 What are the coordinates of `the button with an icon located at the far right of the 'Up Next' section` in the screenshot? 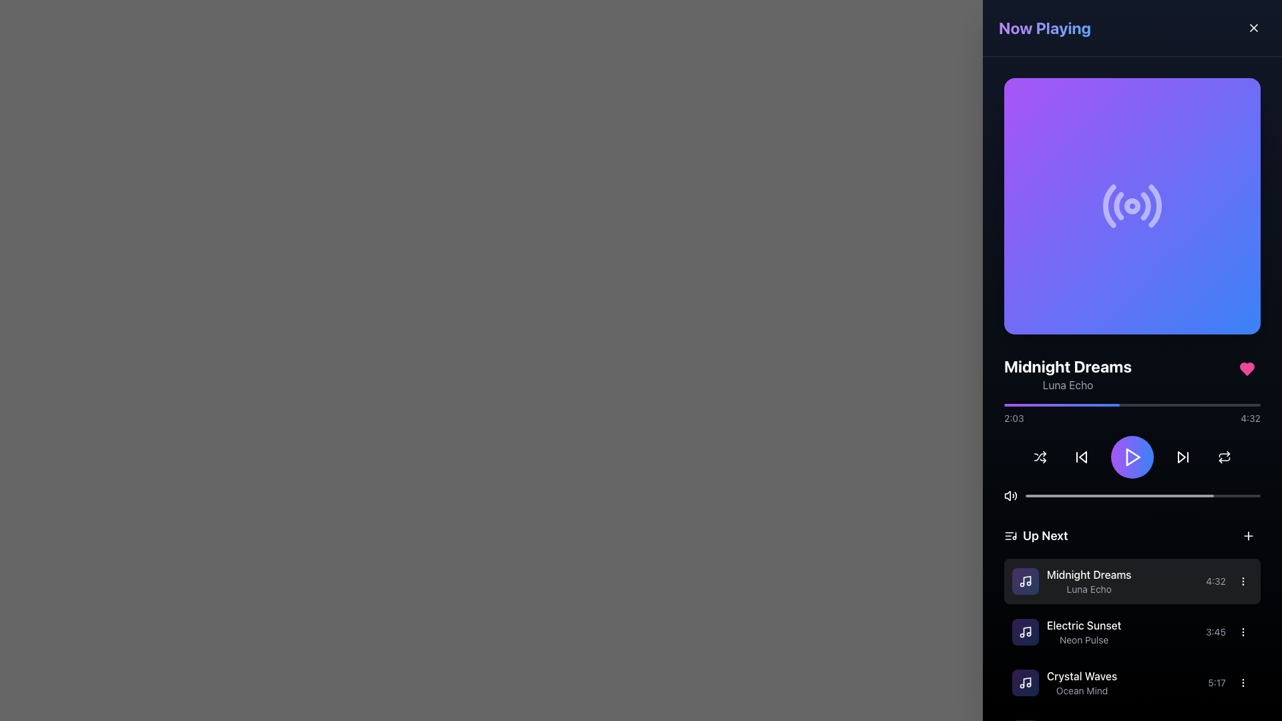 It's located at (1248, 535).